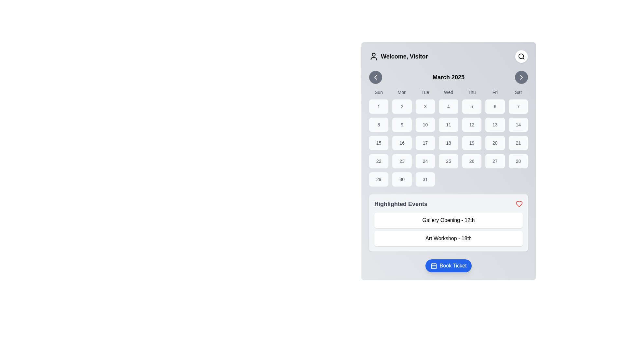  What do you see at coordinates (521, 77) in the screenshot?
I see `the minimalist triangular arrow icon within the circular button located in the top-right corner of the interface, just to the right of the 'March 2025' calendar widget to initiate navigation` at bounding box center [521, 77].